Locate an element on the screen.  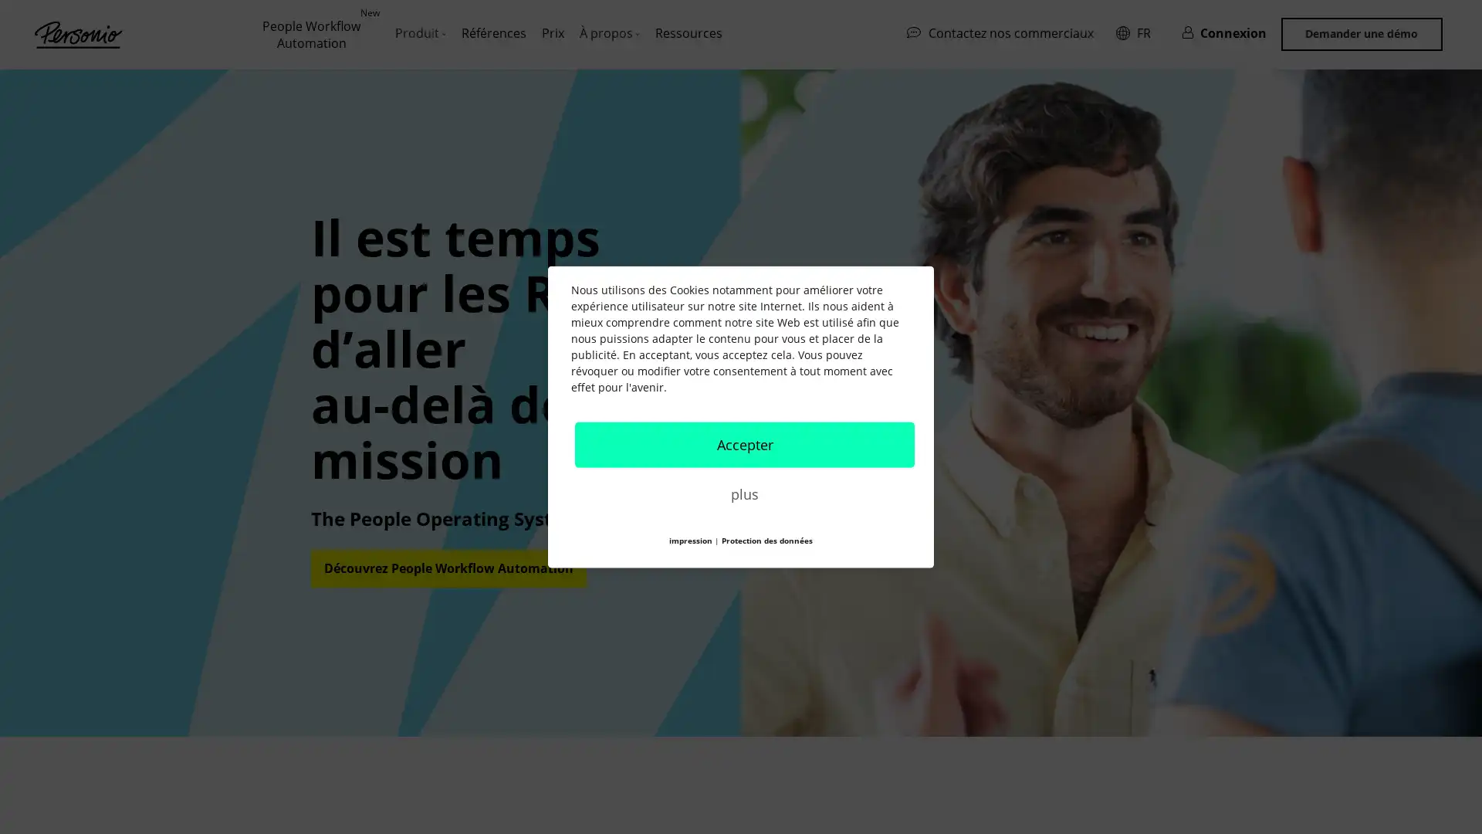
plus is located at coordinates (744, 493).